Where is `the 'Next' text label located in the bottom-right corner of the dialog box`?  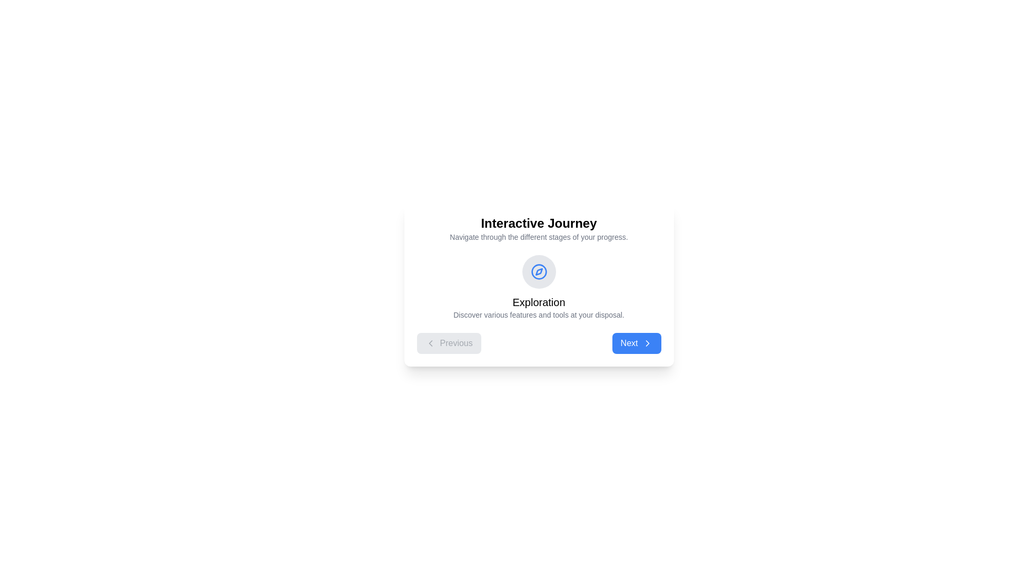
the 'Next' text label located in the bottom-right corner of the dialog box is located at coordinates (629, 343).